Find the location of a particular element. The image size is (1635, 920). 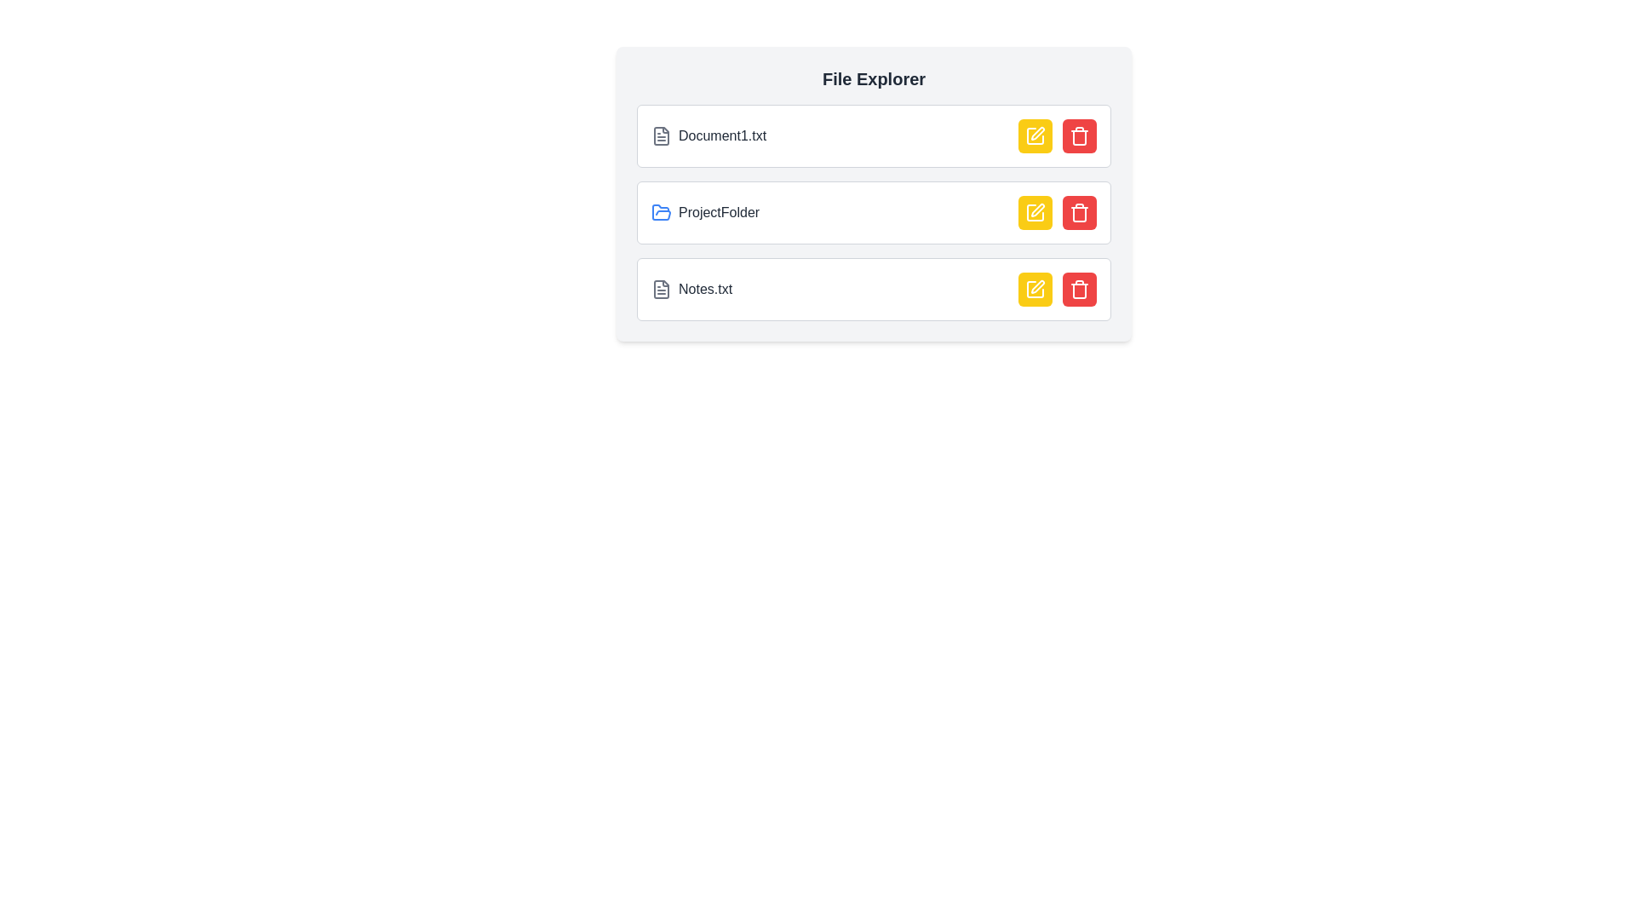

the document icon for 'Document1.txt', which is a rectangular paper-like SVG graphic with a folded corner, to visually associate it with the corresponding file is located at coordinates (661, 135).